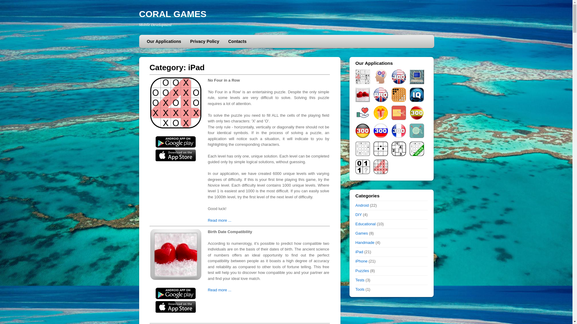  What do you see at coordinates (416, 76) in the screenshot?
I see `'NetGame'` at bounding box center [416, 76].